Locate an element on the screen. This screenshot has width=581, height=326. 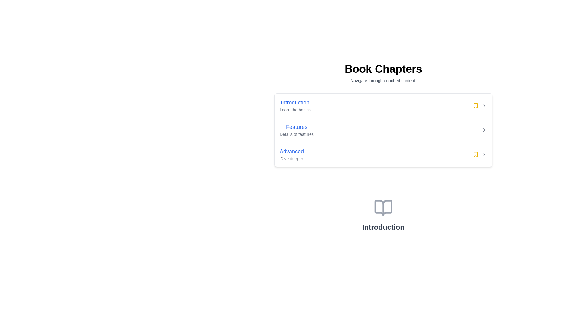
the text heading section titled 'Book Chapters' which includes the subtitle 'Navigate through enriched content.' is located at coordinates (383, 73).